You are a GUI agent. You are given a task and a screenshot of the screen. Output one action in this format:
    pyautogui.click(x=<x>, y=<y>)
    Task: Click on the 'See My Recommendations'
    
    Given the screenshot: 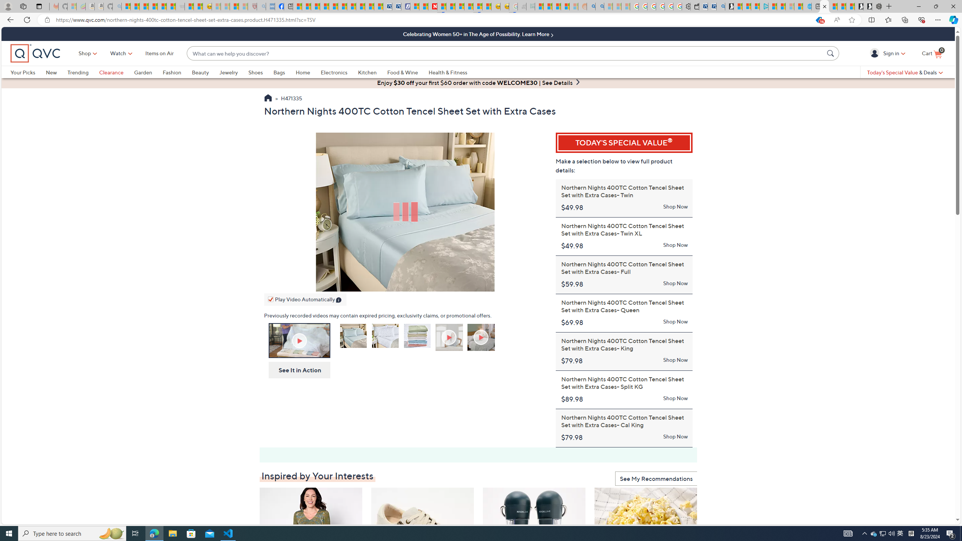 What is the action you would take?
    pyautogui.click(x=655, y=478)
    